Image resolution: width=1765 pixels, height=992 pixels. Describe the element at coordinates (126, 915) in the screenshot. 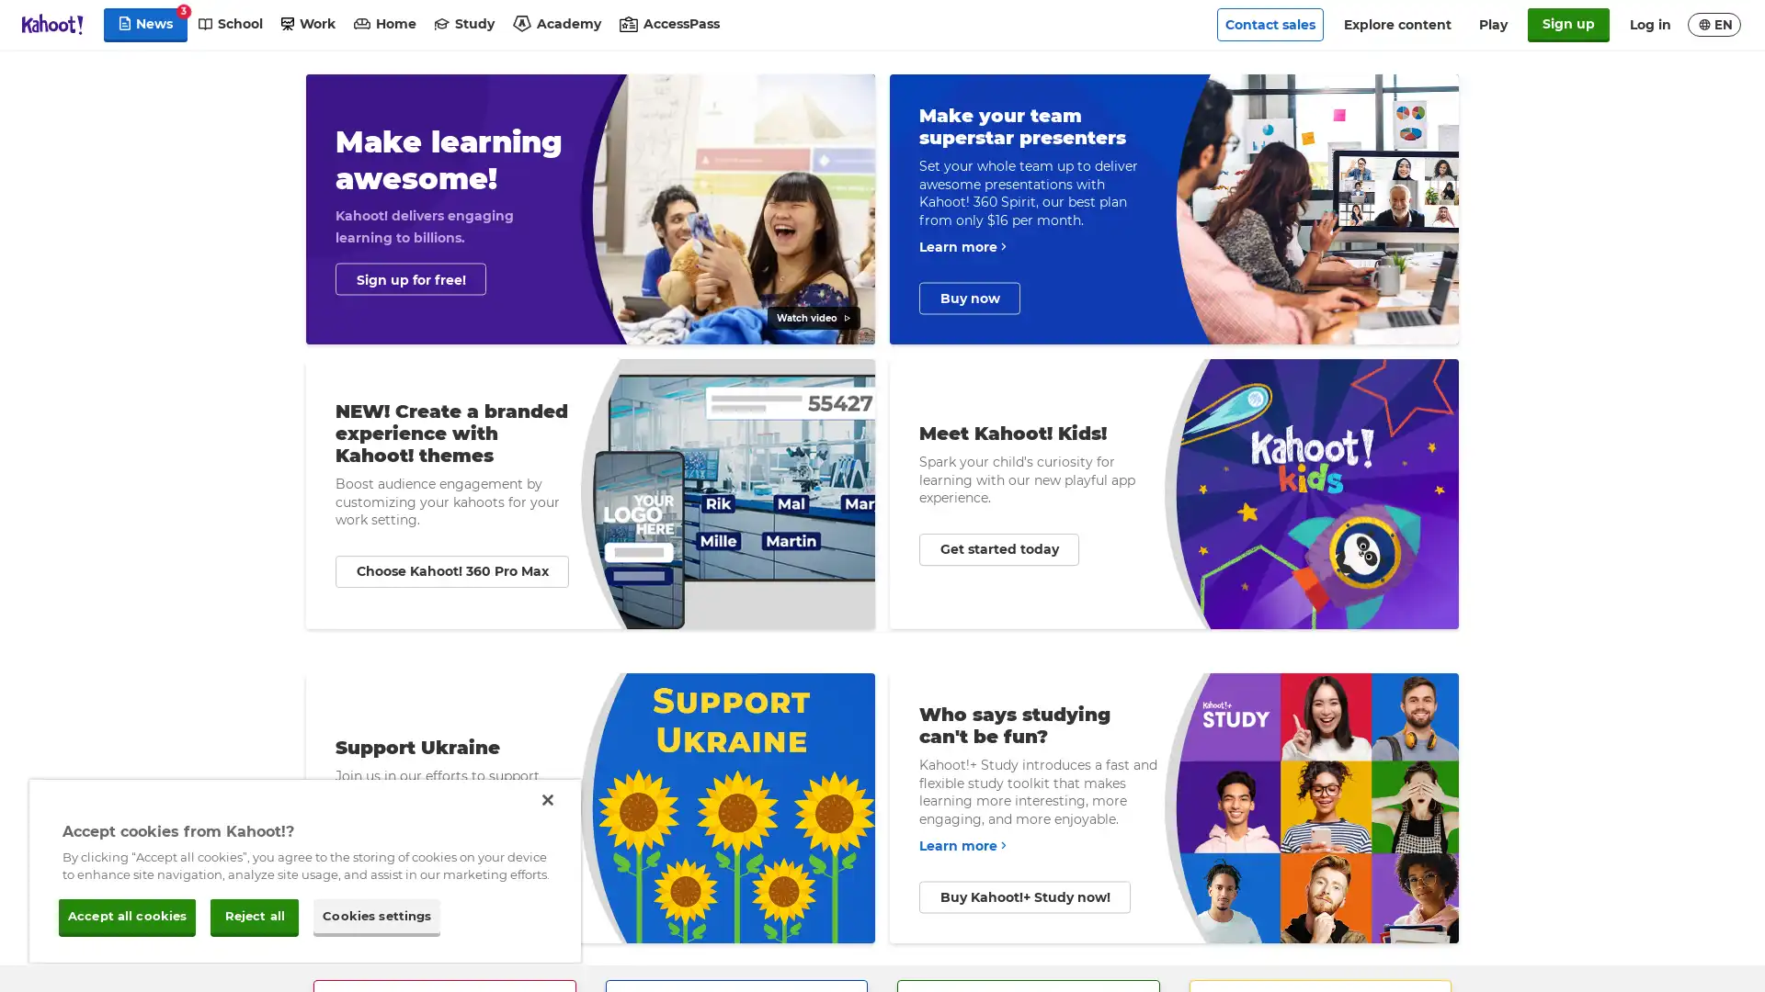

I see `Accept all cookies` at that location.